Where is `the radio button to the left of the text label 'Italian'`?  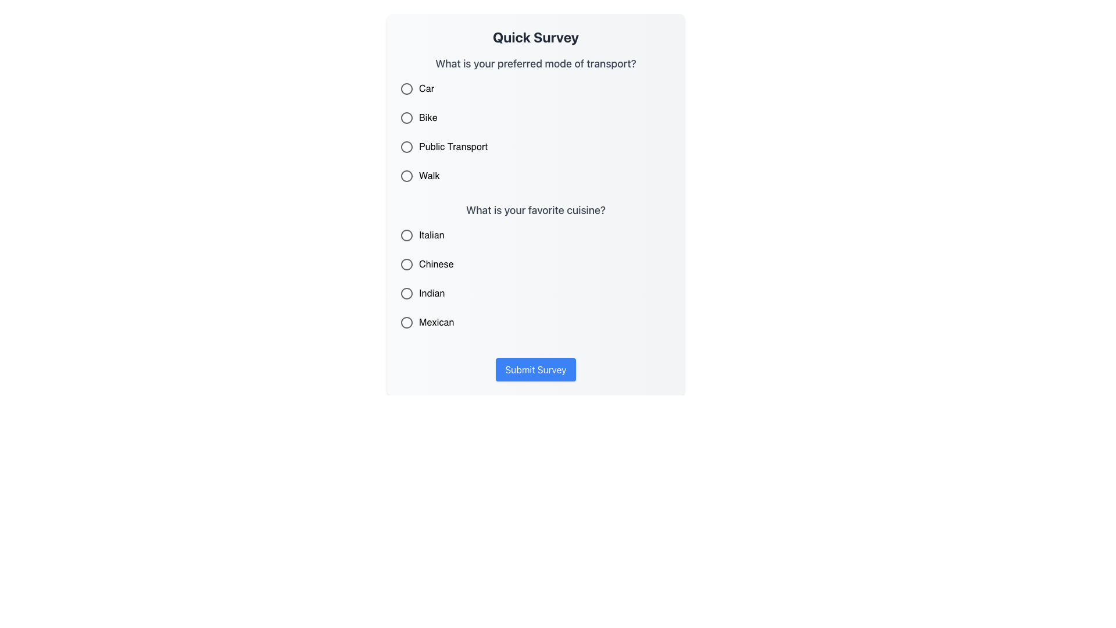
the radio button to the left of the text label 'Italian' is located at coordinates (407, 235).